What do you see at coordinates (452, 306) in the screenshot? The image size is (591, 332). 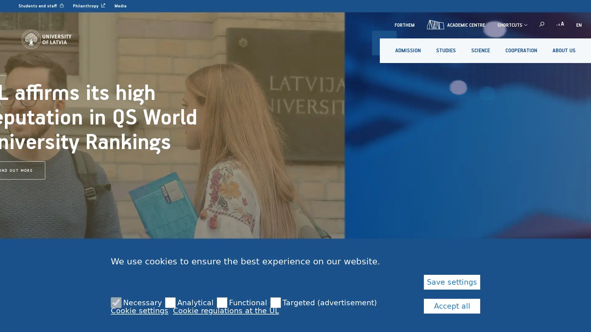 I see `Accept all` at bounding box center [452, 306].